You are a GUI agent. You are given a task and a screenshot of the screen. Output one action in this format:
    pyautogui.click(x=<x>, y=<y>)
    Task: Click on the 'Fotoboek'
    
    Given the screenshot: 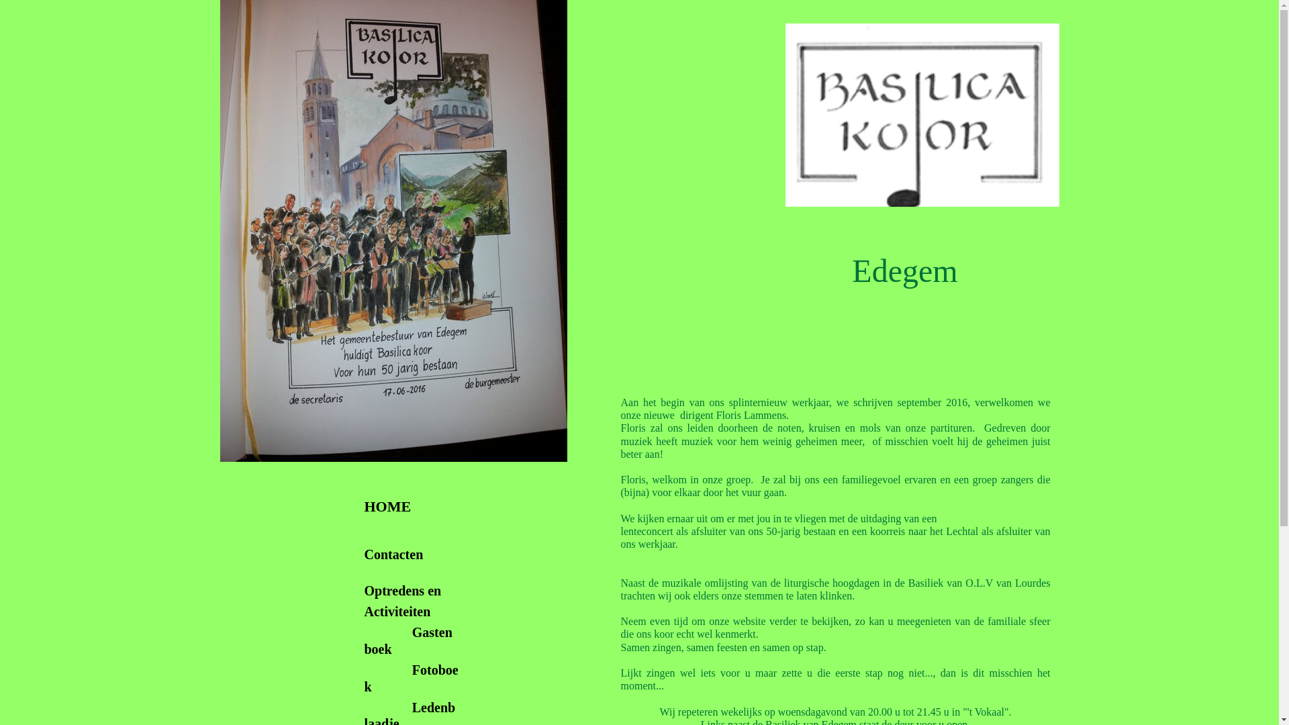 What is the action you would take?
    pyautogui.click(x=410, y=680)
    